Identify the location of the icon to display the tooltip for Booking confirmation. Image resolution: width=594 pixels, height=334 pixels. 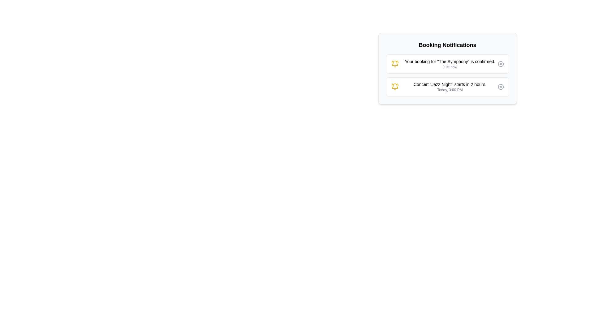
(394, 64).